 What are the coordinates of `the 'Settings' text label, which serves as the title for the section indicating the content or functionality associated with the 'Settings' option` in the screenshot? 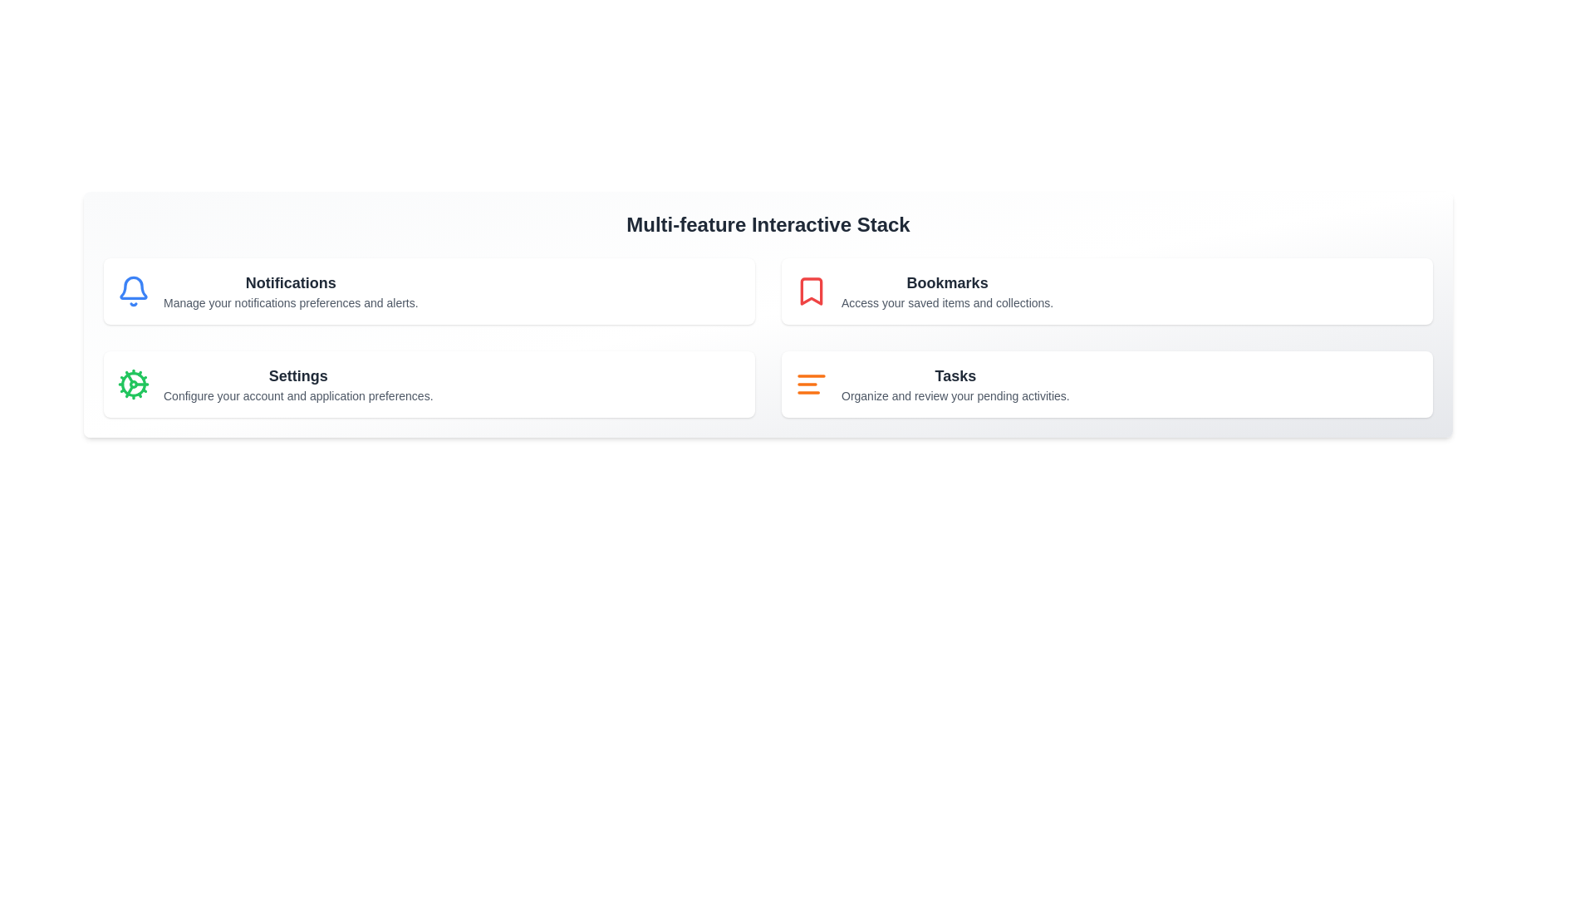 It's located at (298, 375).